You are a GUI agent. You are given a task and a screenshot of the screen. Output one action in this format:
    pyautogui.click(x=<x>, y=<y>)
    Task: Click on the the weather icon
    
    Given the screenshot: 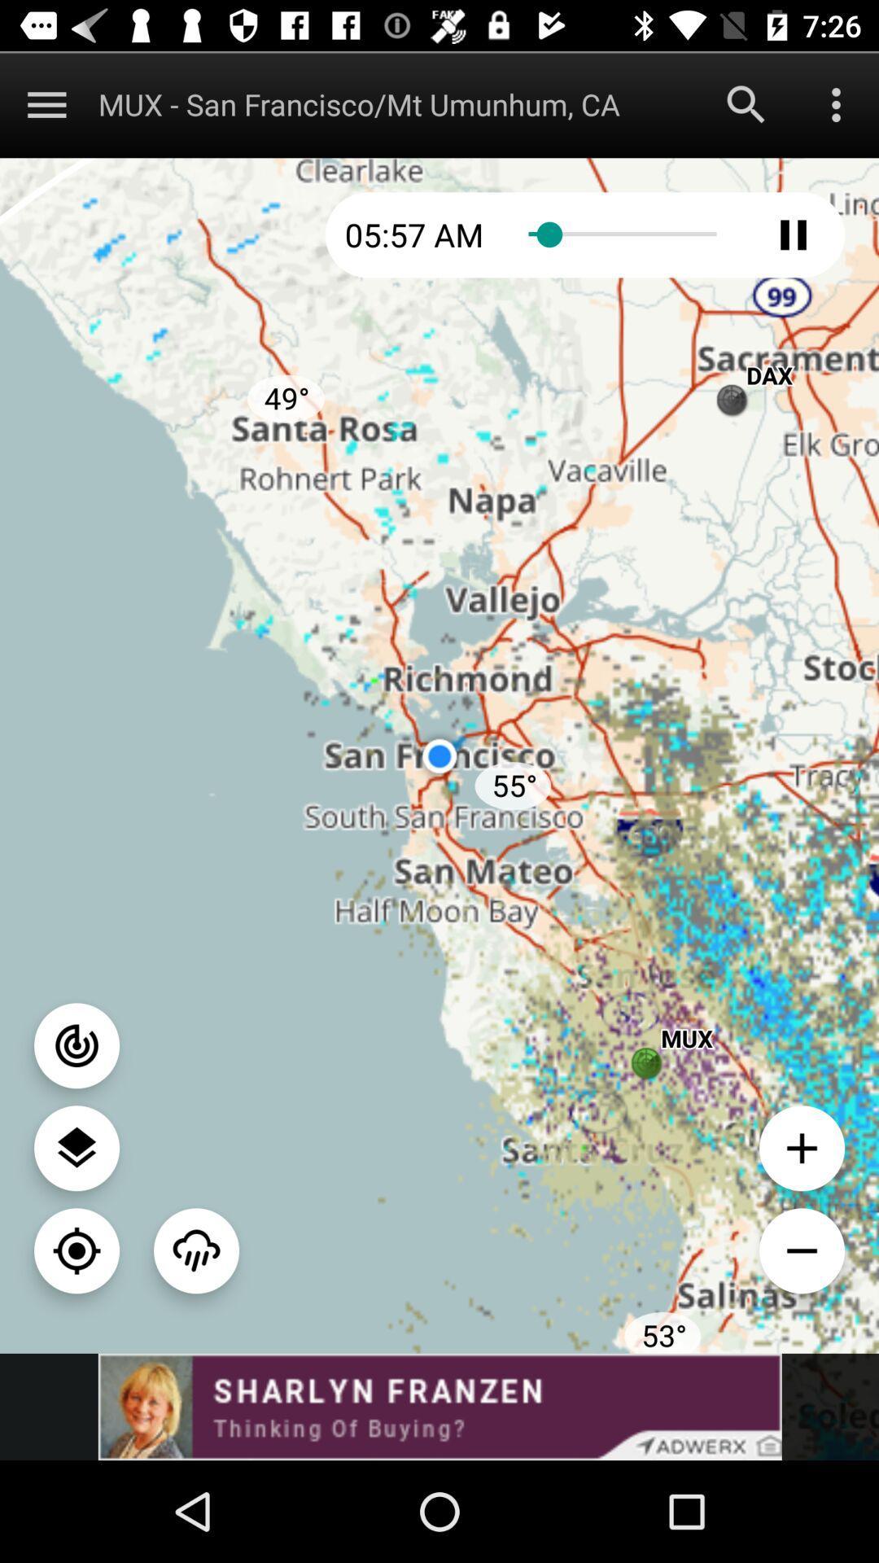 What is the action you would take?
    pyautogui.click(x=195, y=1250)
    